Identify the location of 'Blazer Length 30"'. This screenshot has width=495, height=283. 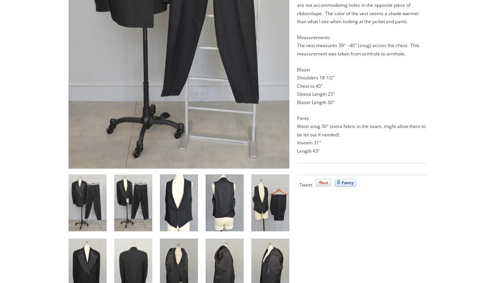
(316, 102).